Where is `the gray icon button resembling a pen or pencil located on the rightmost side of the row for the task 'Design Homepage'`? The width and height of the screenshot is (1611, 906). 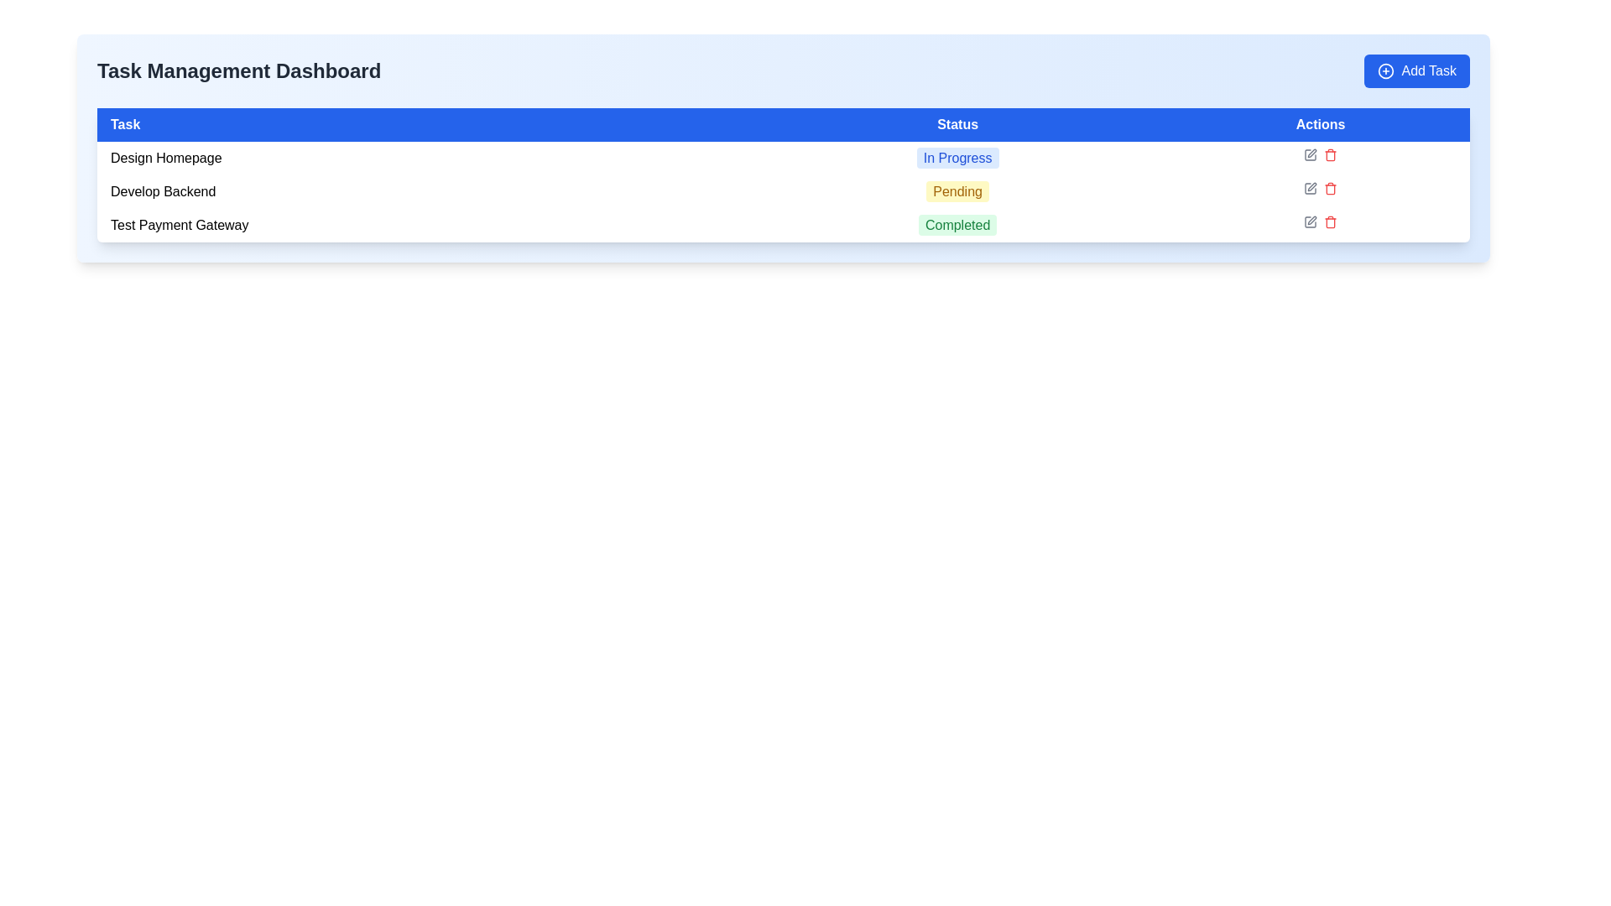
the gray icon button resembling a pen or pencil located on the rightmost side of the row for the task 'Design Homepage' is located at coordinates (1309, 155).